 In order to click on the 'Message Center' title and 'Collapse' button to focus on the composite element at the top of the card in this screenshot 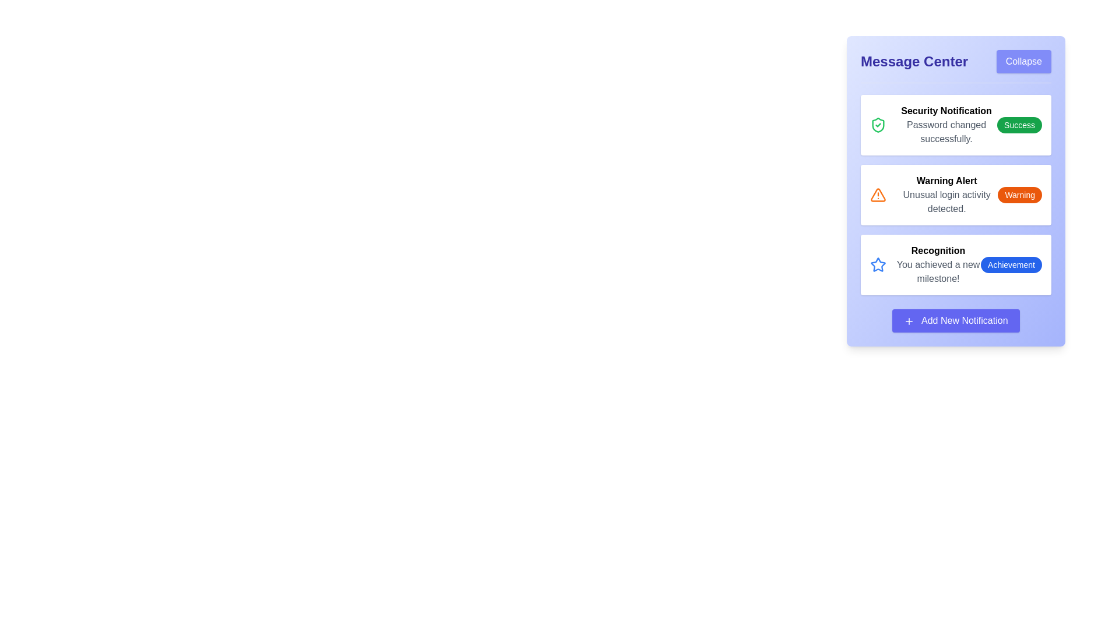, I will do `click(956, 66)`.